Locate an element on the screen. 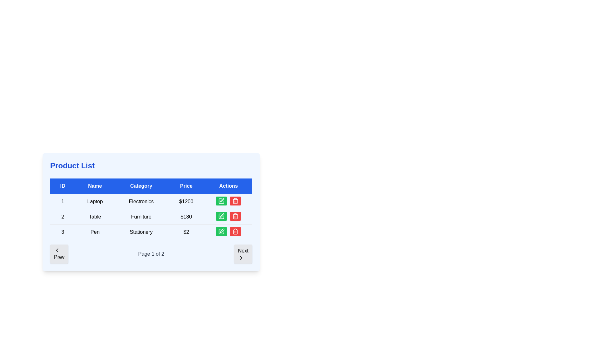 This screenshot has width=610, height=343. the trash can icon in the 'Actions' column is located at coordinates (235, 232).